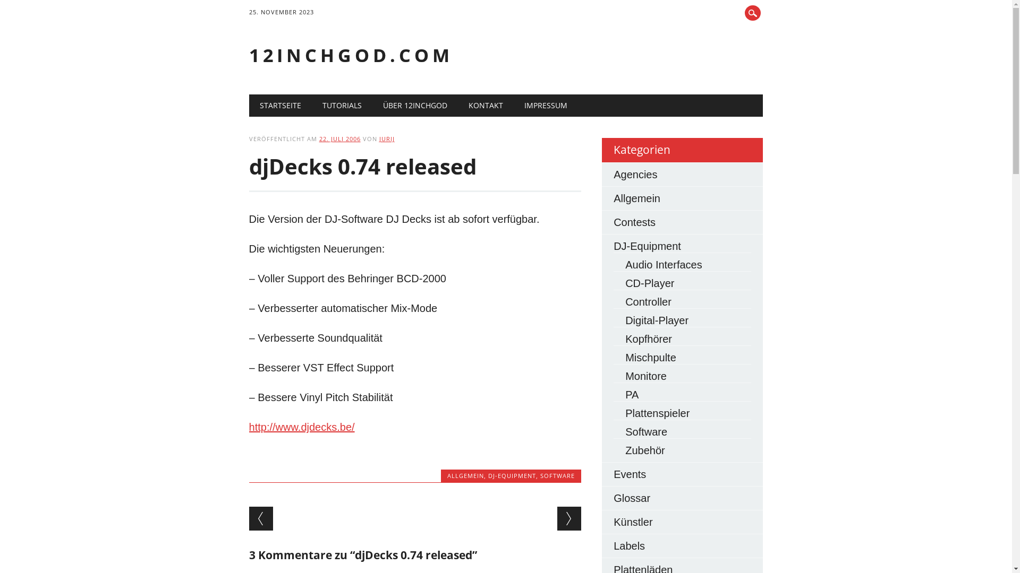 This screenshot has width=1020, height=573. What do you see at coordinates (512, 475) in the screenshot?
I see `'DJ-EQUIPMENT'` at bounding box center [512, 475].